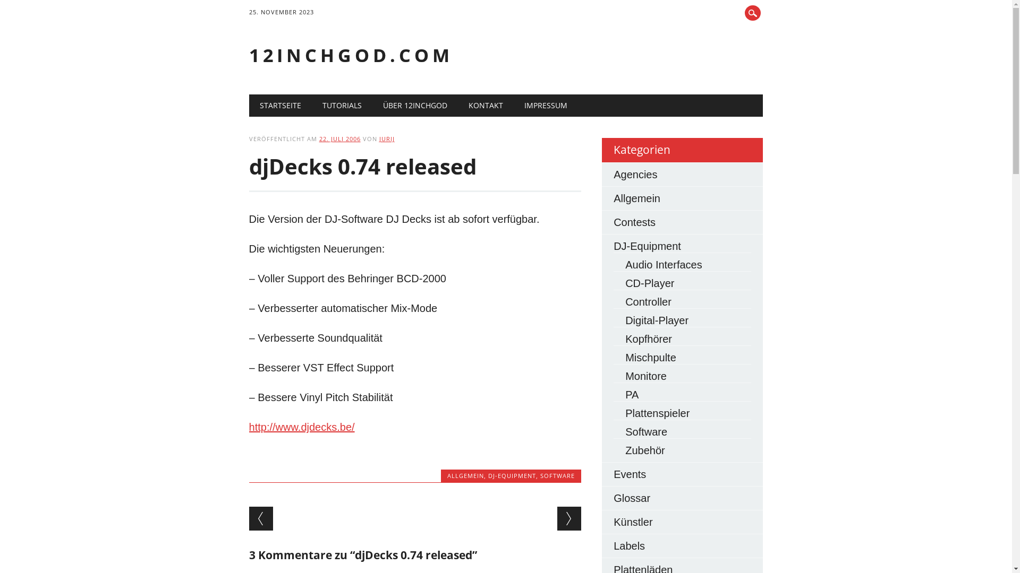 This screenshot has width=1020, height=573. What do you see at coordinates (512, 475) in the screenshot?
I see `'DJ-EQUIPMENT'` at bounding box center [512, 475].